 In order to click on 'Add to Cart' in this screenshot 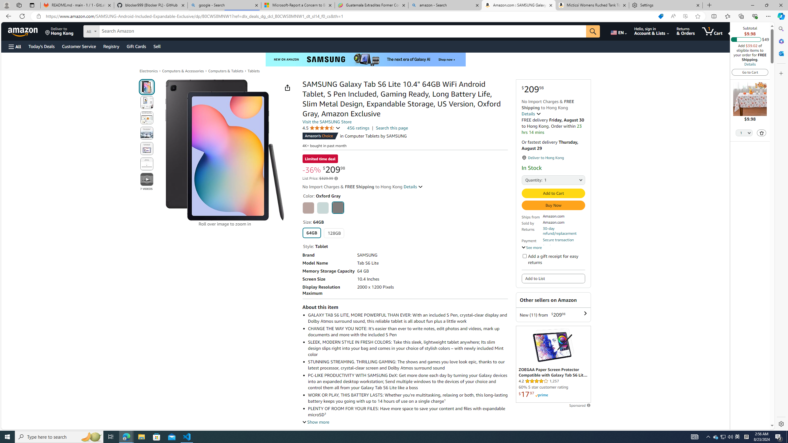, I will do `click(553, 193)`.